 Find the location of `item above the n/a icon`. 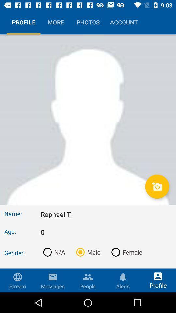

item above the n/a icon is located at coordinates (106, 232).